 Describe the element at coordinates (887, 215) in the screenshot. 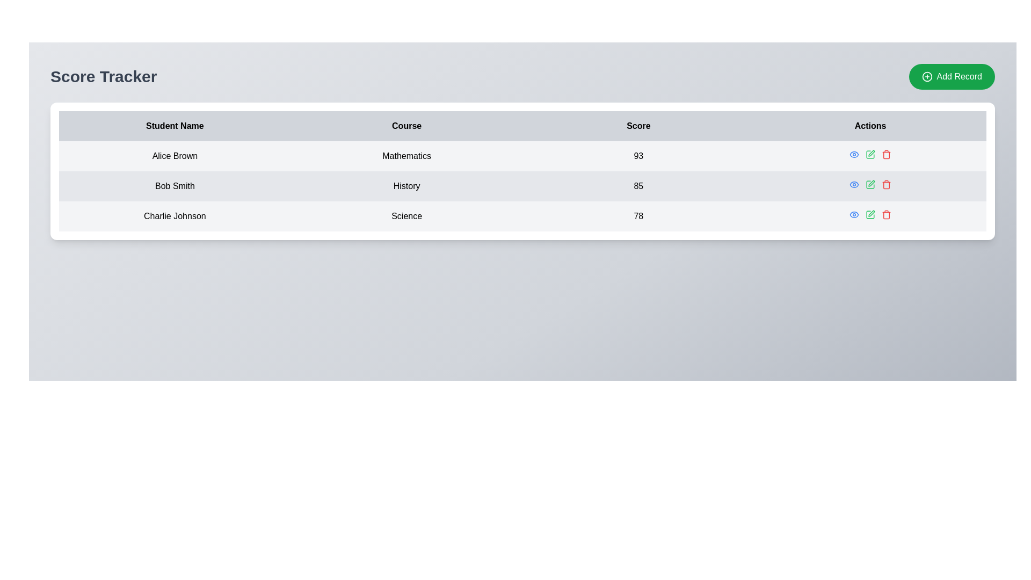

I see `the trash can icon representing the delete action for 'Charlie Johnson'` at that location.